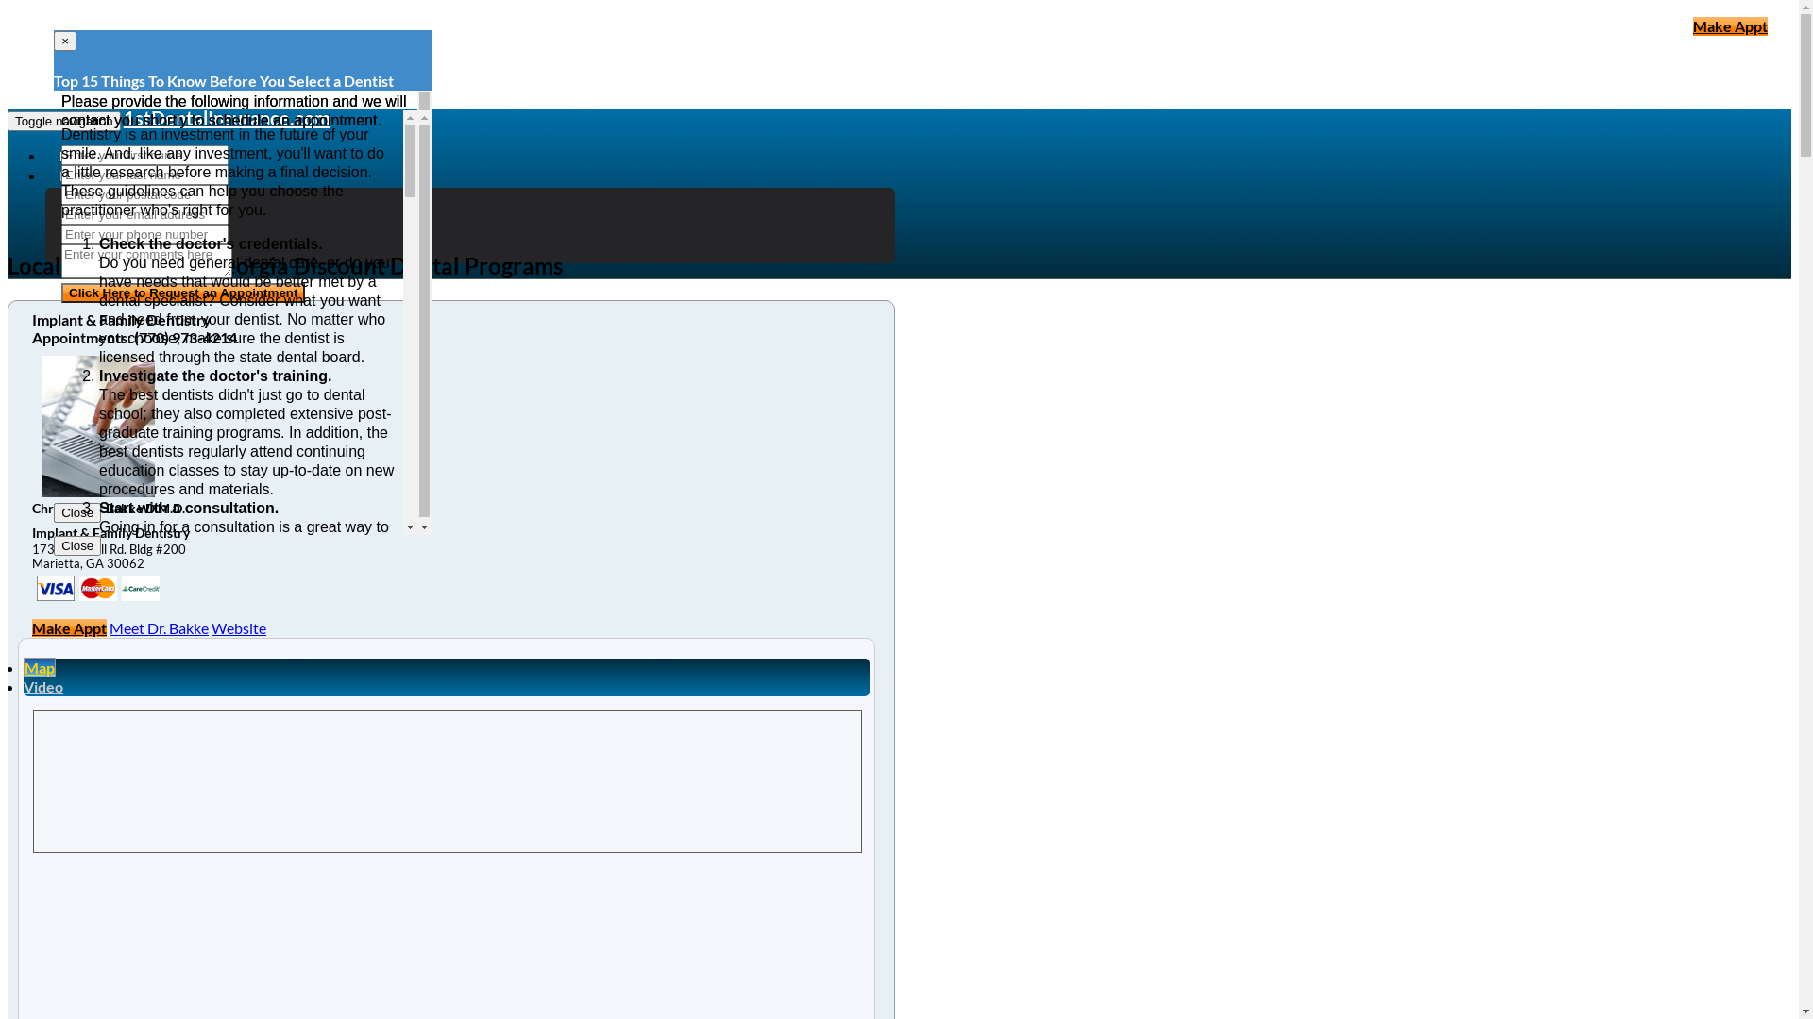 The height and width of the screenshot is (1019, 1813). Describe the element at coordinates (108, 627) in the screenshot. I see `'Meet Dr. Bakke'` at that location.